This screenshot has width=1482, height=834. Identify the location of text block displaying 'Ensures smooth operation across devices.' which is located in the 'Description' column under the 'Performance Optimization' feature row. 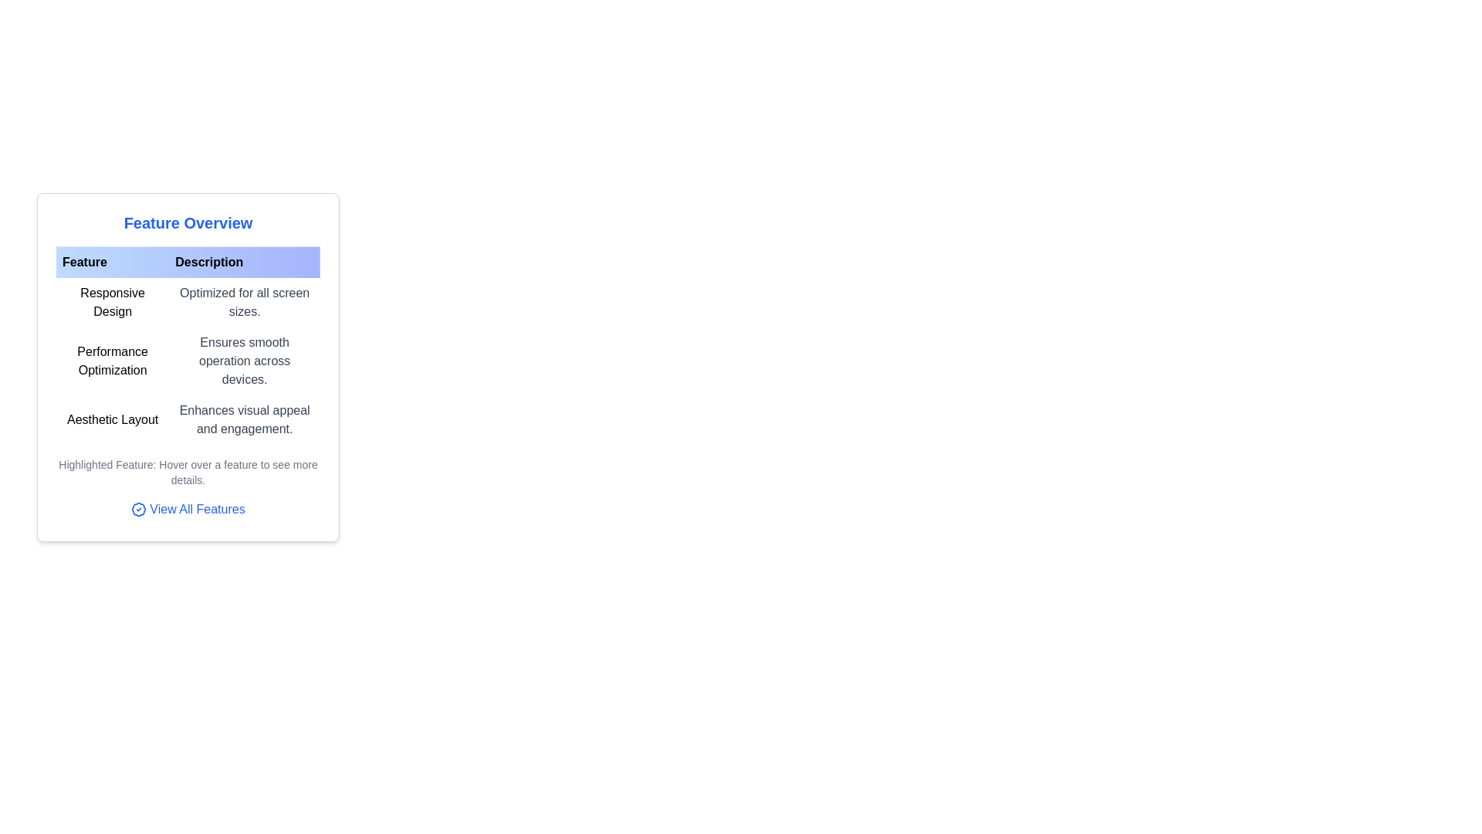
(244, 361).